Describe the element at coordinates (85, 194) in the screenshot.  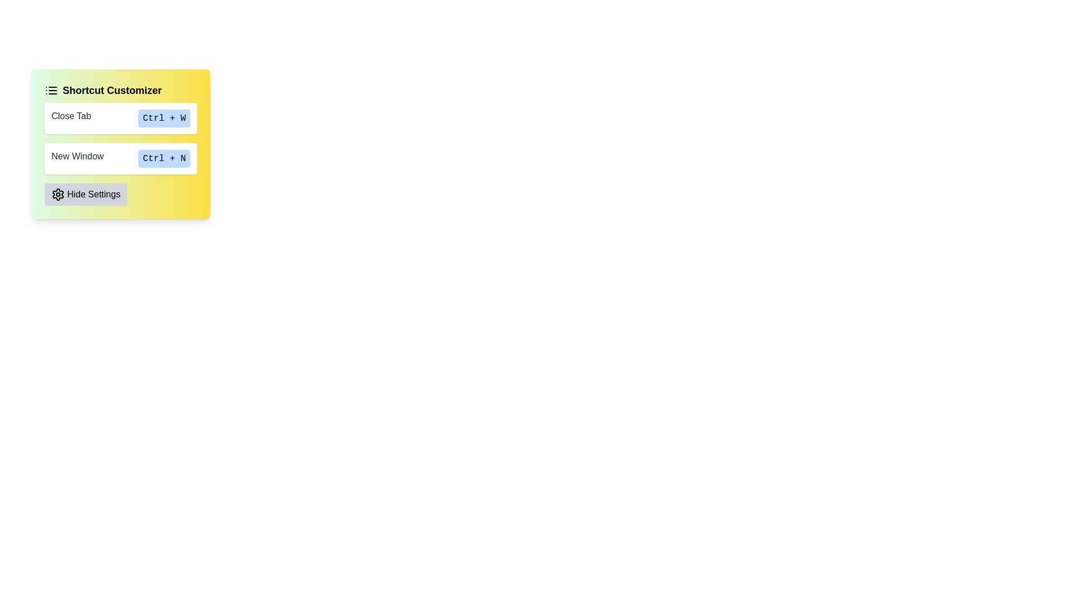
I see `the 'Hide Settings' button, which is a rectangular button with a light gray background and rounded corners` at that location.